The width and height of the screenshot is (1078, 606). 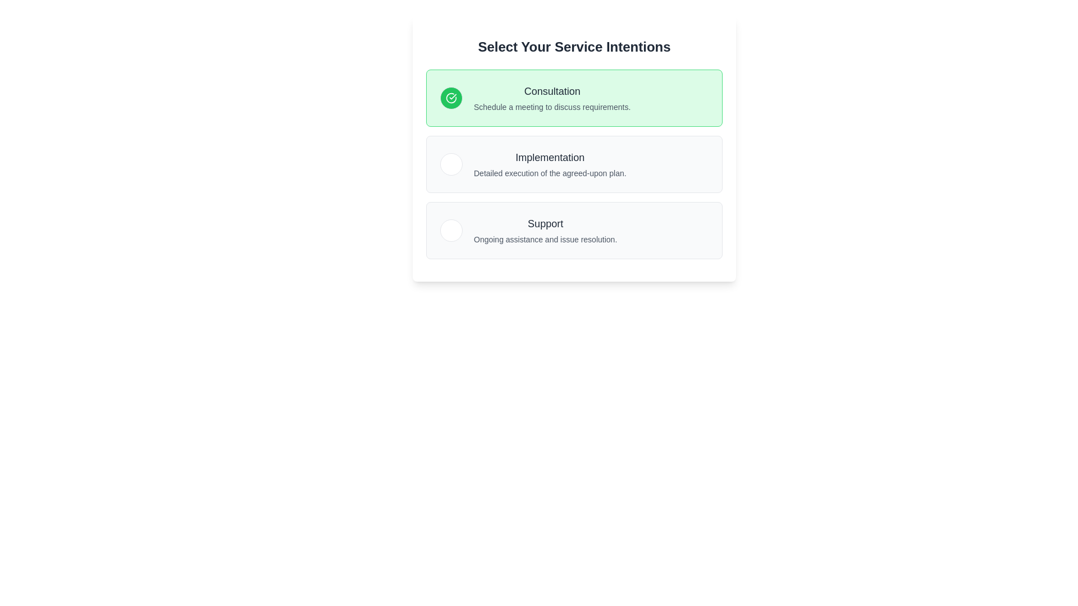 I want to click on the Text Display that describes the 'Consultation' option, which is highlighted in green and located at the top of the vertical list of service intentions, so click(x=552, y=97).